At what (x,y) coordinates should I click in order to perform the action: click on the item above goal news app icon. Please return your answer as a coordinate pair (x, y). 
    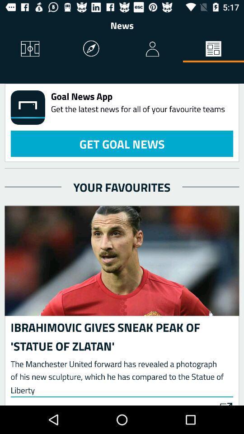
    Looking at the image, I should click on (213, 49).